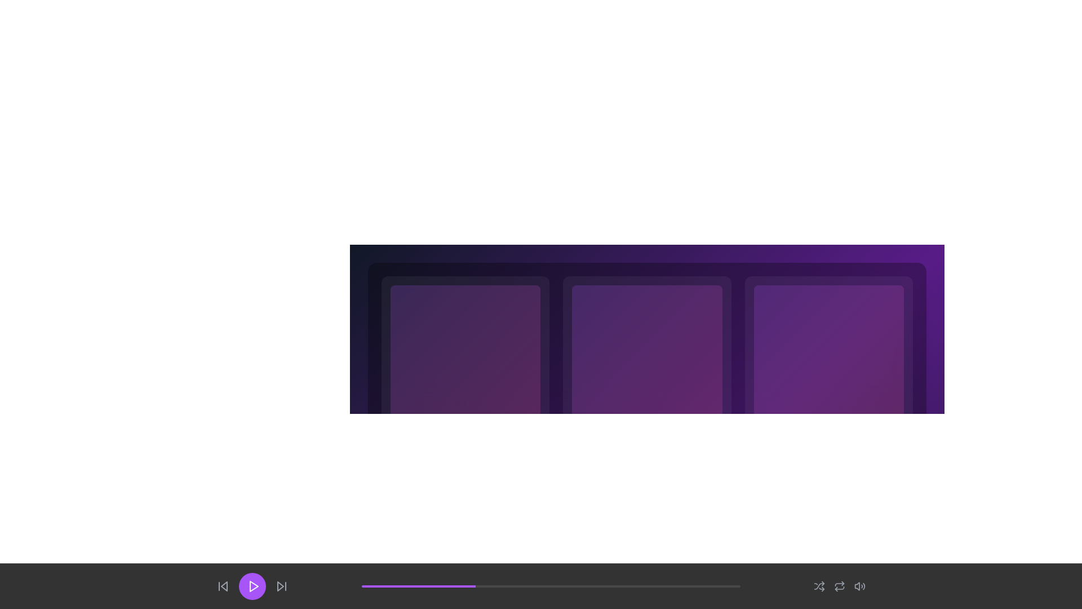  I want to click on the Replay button located in the middle of the three icons at the bottom-right corner of the navigation bar, so click(839, 586).